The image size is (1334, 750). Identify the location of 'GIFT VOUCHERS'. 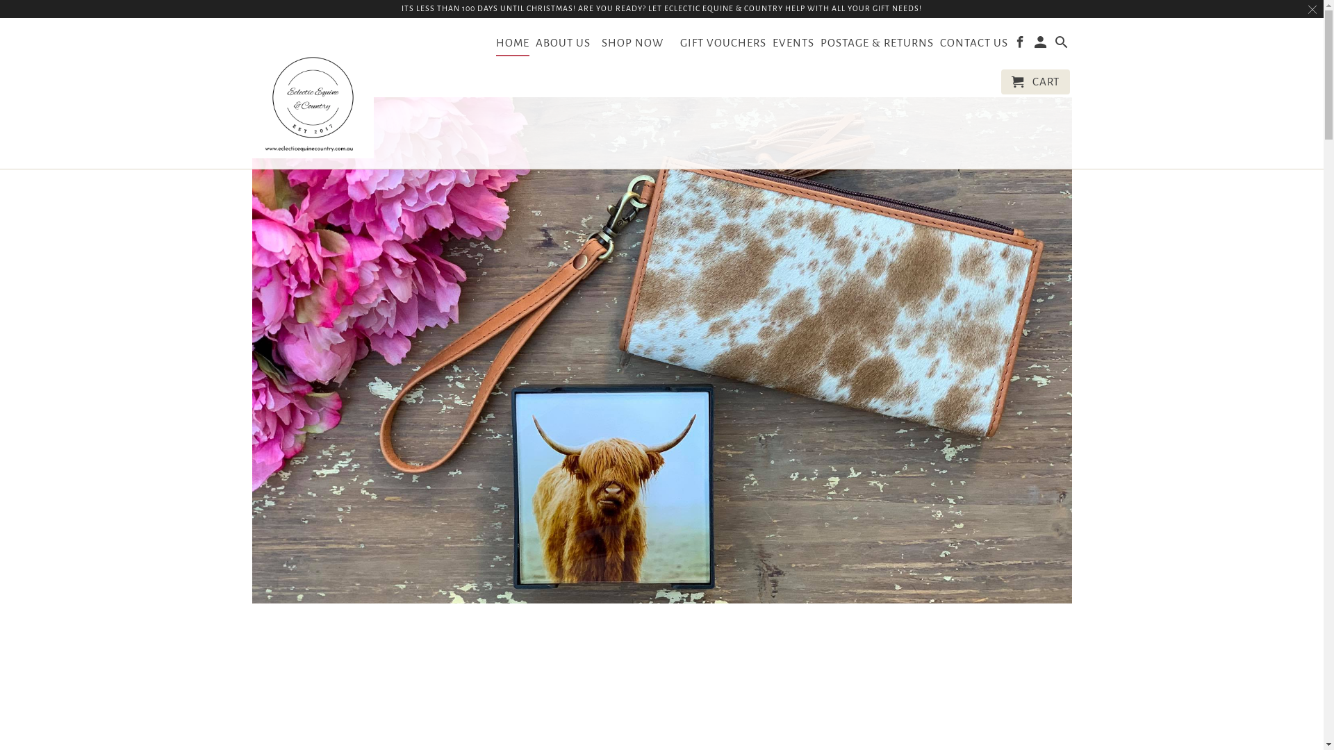
(723, 44).